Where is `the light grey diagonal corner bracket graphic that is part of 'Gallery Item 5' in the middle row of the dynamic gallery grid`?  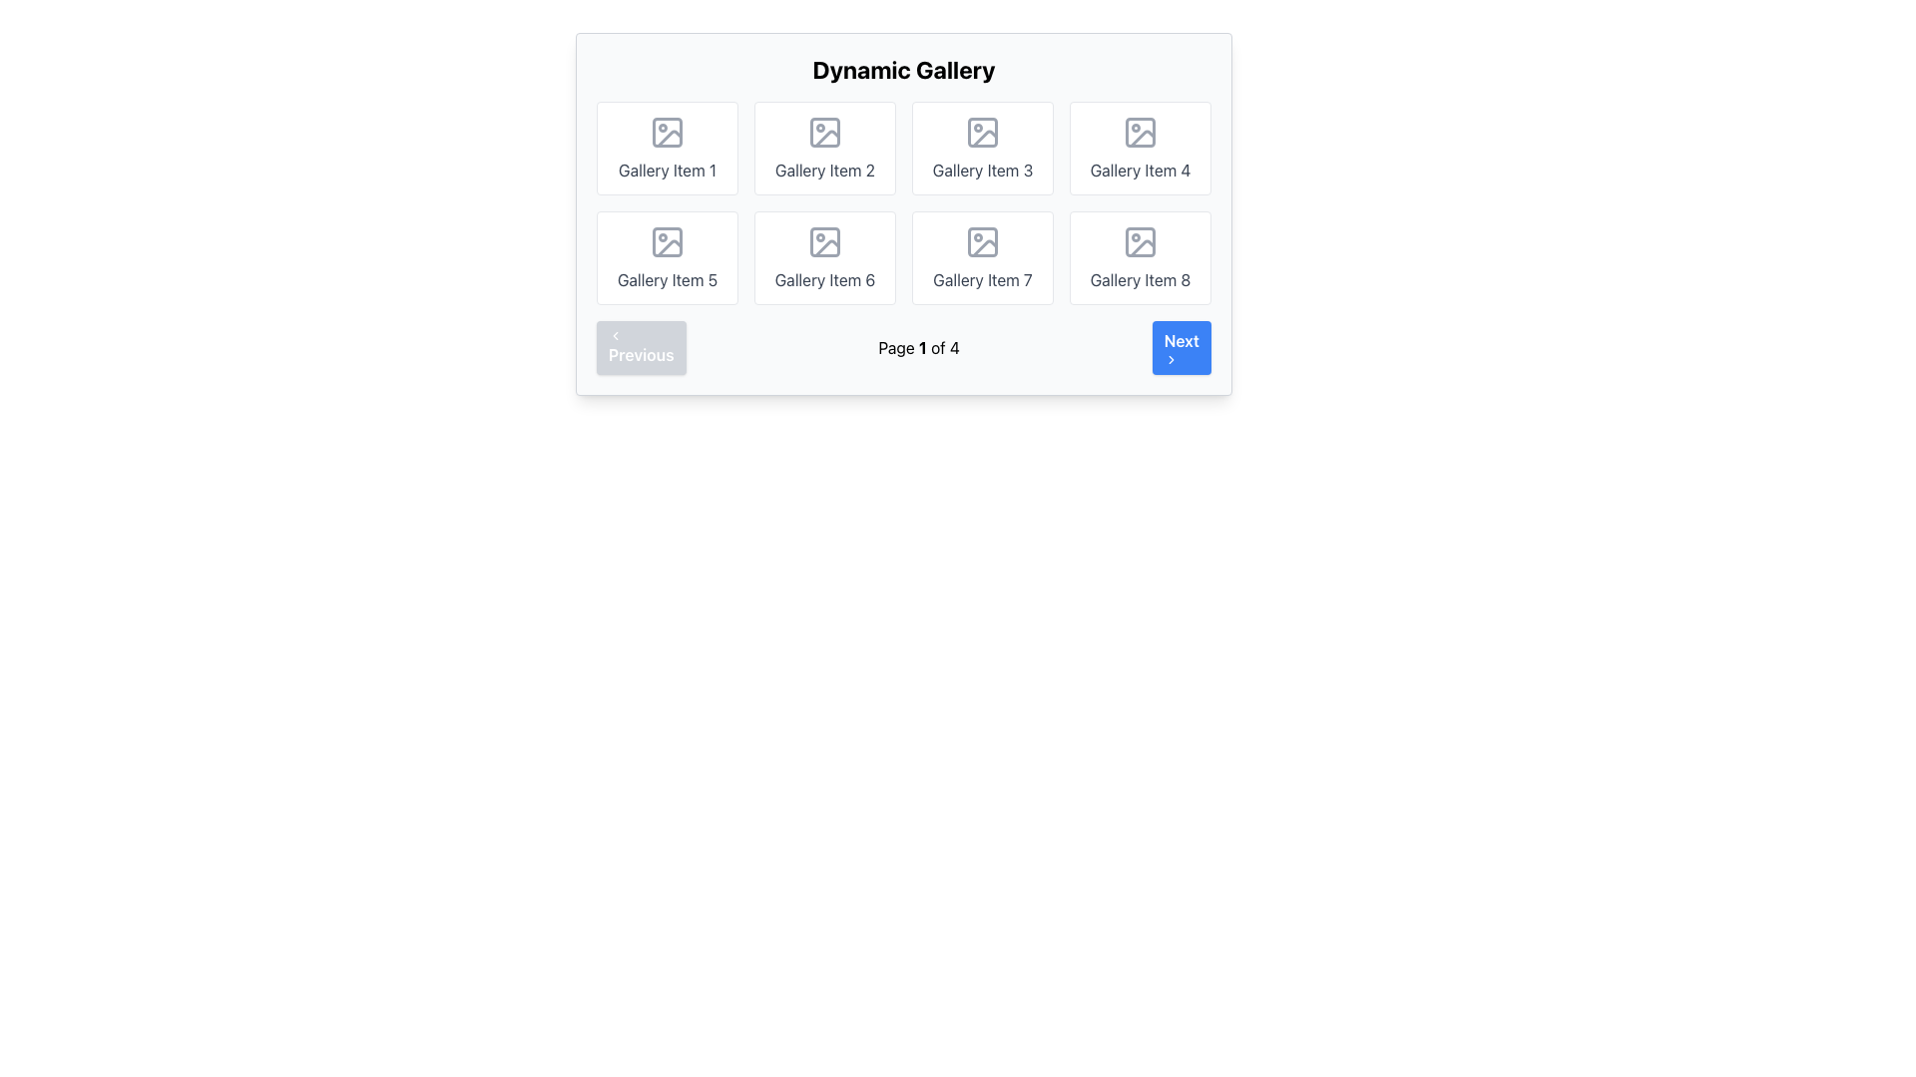
the light grey diagonal corner bracket graphic that is part of 'Gallery Item 5' in the middle row of the dynamic gallery grid is located at coordinates (670, 247).